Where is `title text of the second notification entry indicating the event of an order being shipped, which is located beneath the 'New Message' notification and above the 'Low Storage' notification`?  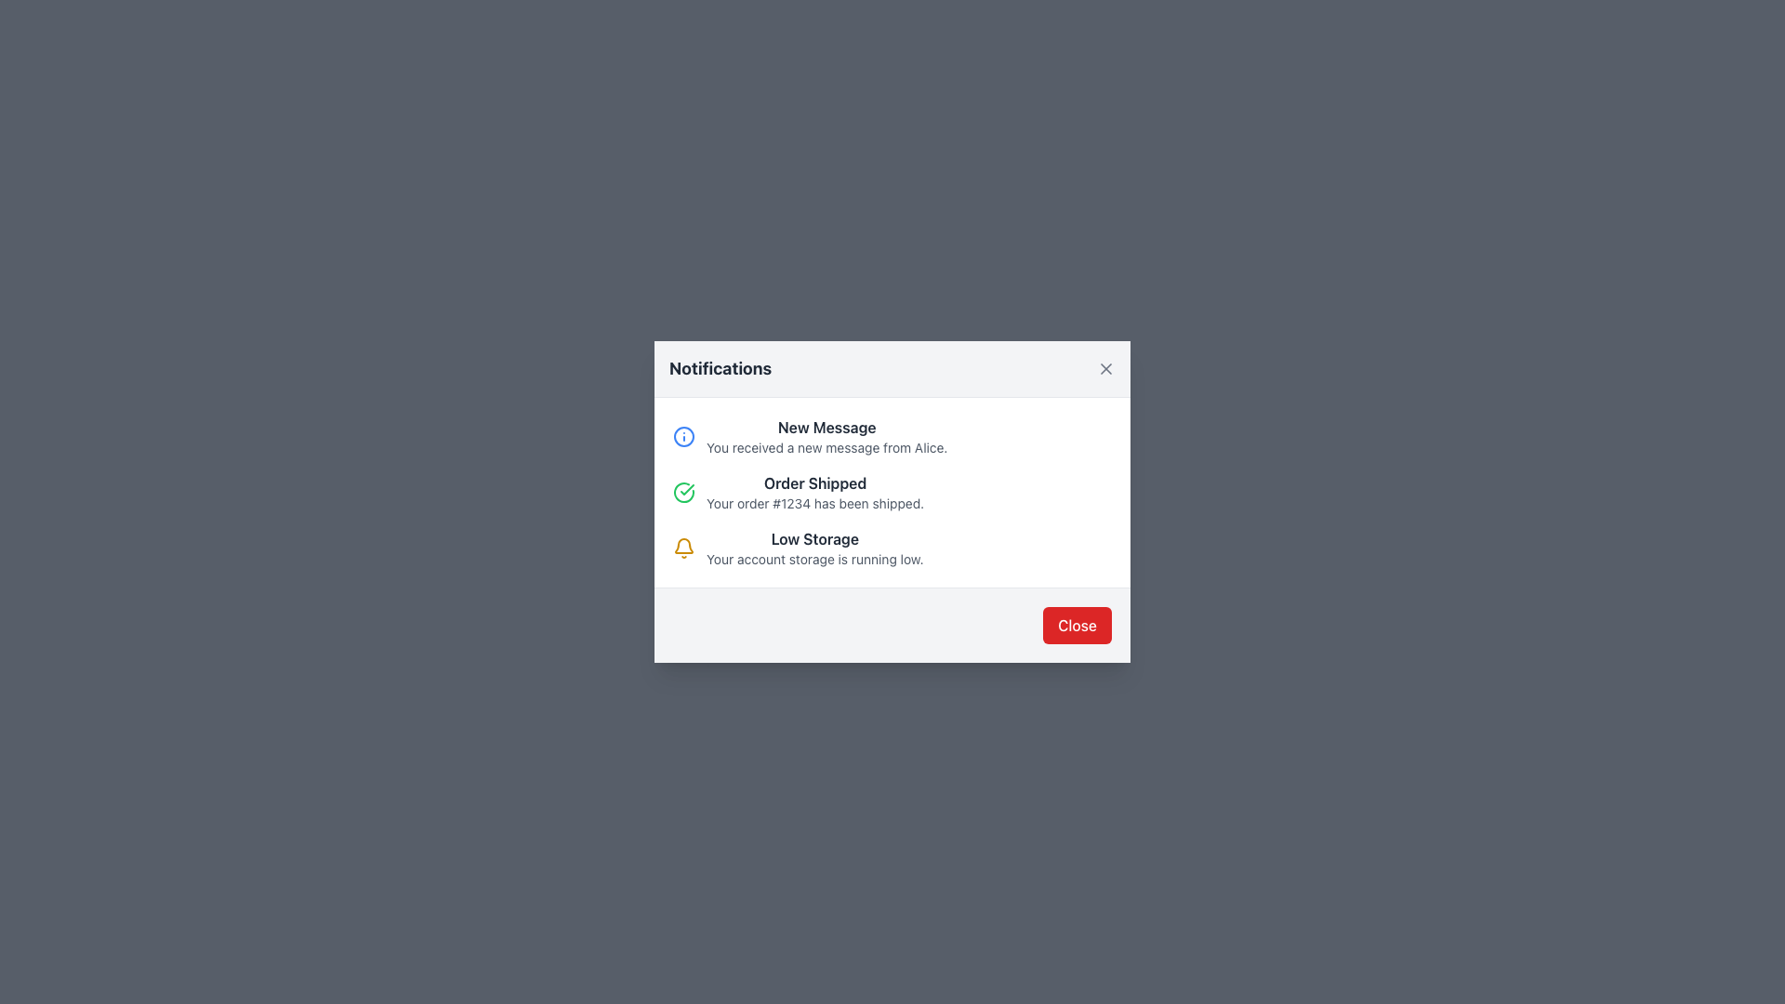 title text of the second notification entry indicating the event of an order being shipped, which is located beneath the 'New Message' notification and above the 'Low Storage' notification is located at coordinates (815, 482).